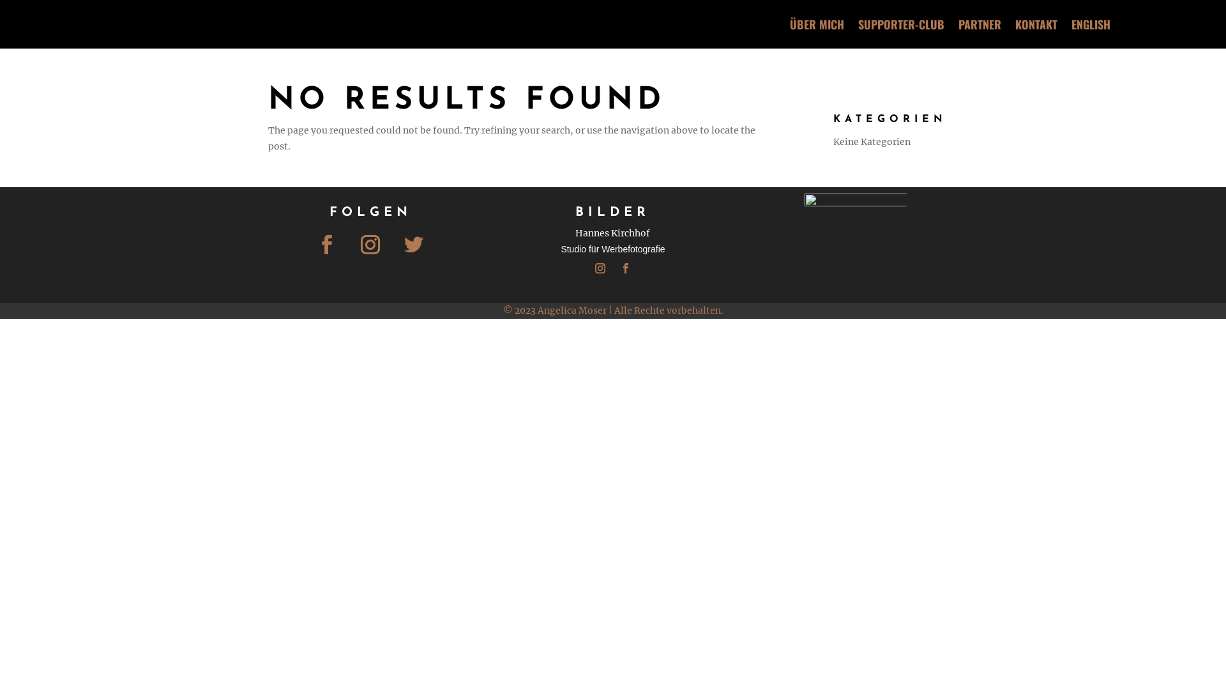 The image size is (1226, 690). What do you see at coordinates (1090, 24) in the screenshot?
I see `'ENGLISH'` at bounding box center [1090, 24].